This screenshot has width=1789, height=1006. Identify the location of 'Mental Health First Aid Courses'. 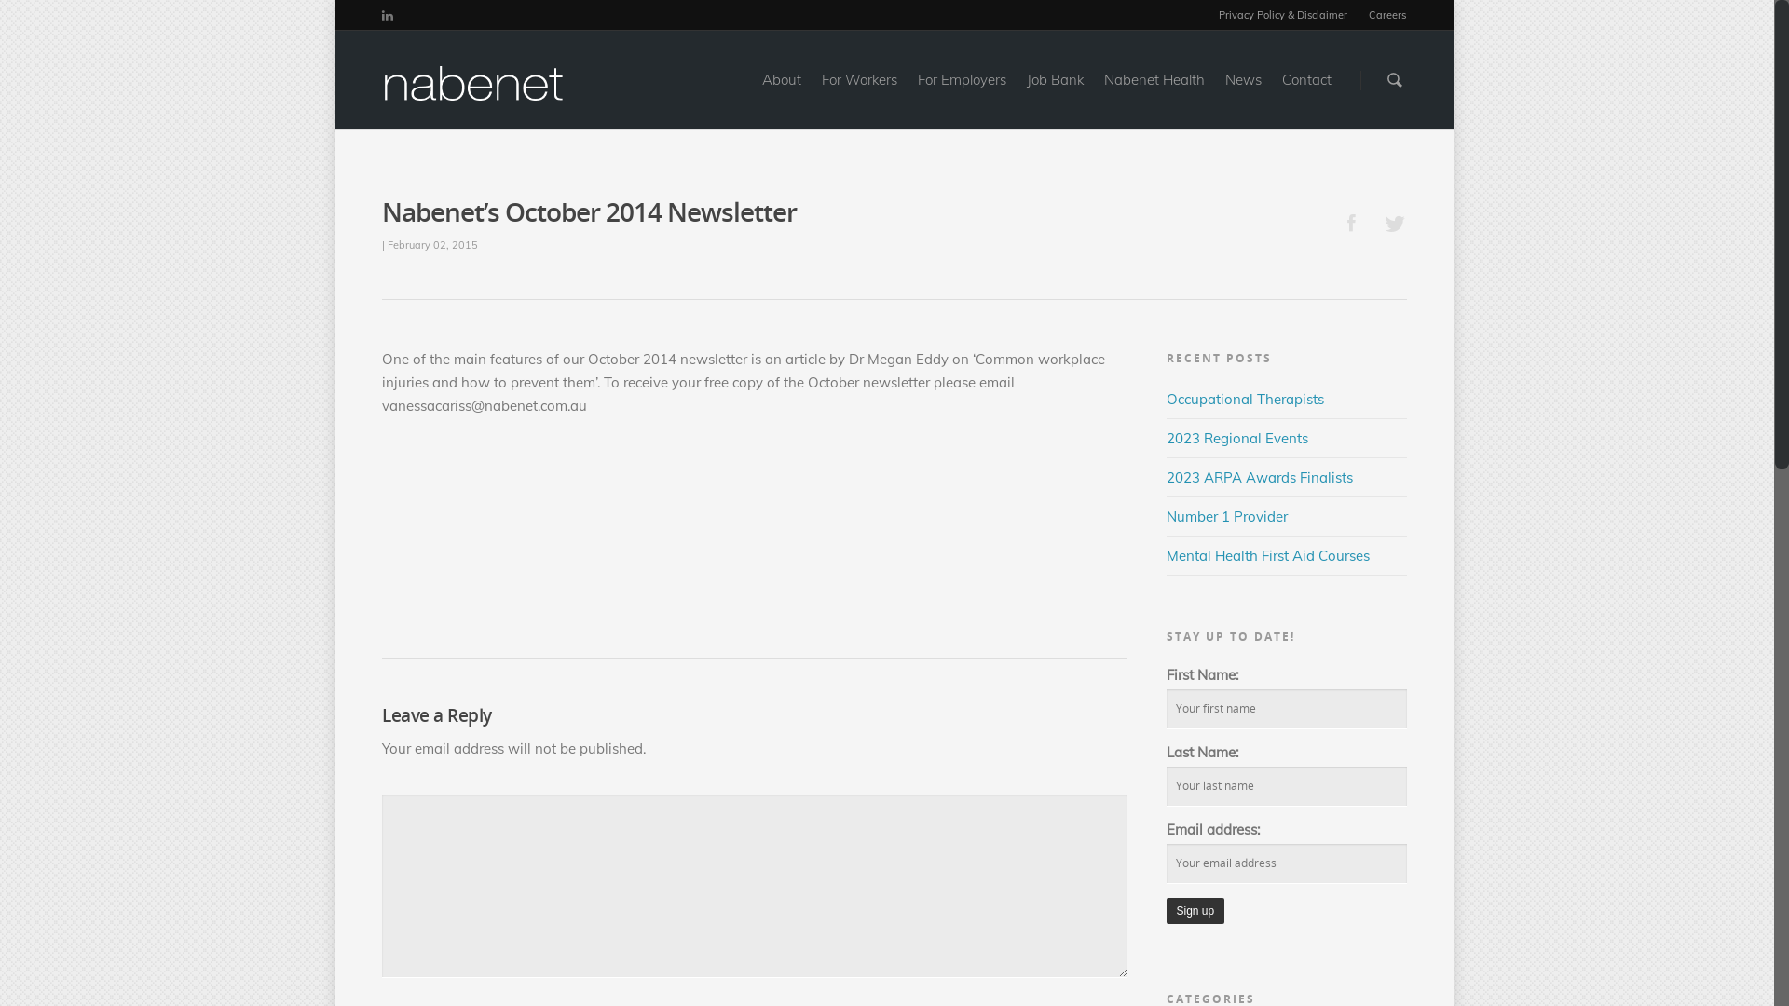
(1267, 553).